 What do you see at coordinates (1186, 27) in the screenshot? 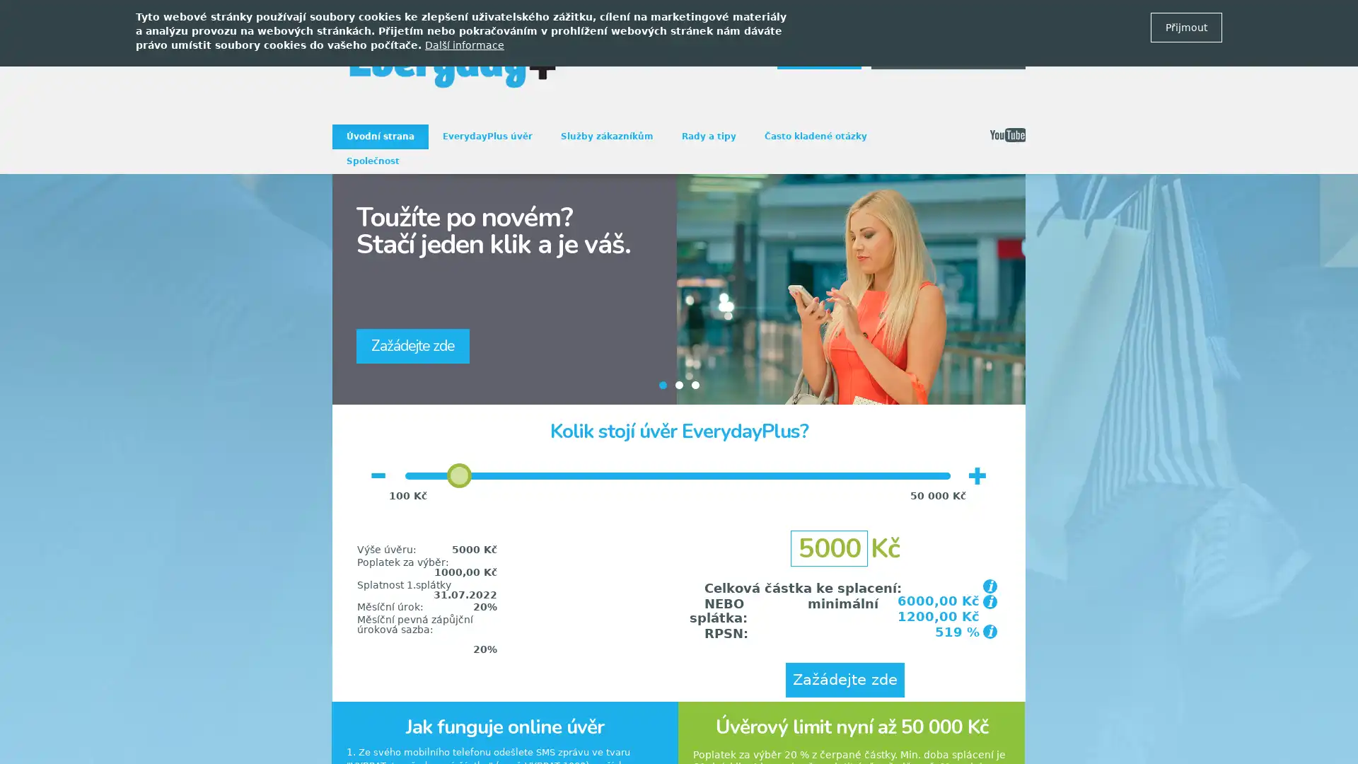
I see `Prijmout` at bounding box center [1186, 27].